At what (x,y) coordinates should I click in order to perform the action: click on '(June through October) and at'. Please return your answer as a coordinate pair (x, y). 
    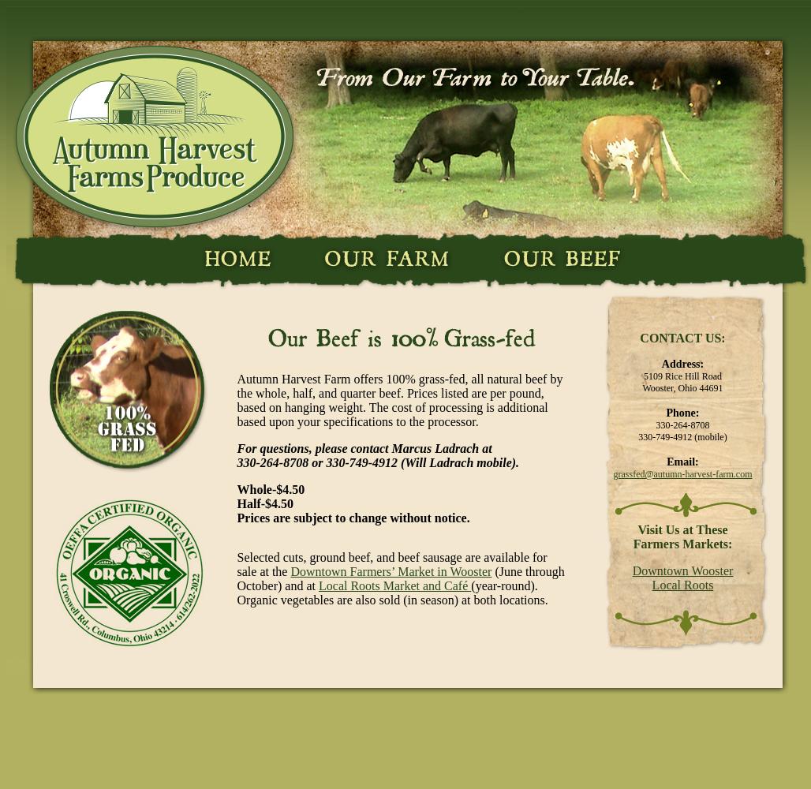
    Looking at the image, I should click on (399, 578).